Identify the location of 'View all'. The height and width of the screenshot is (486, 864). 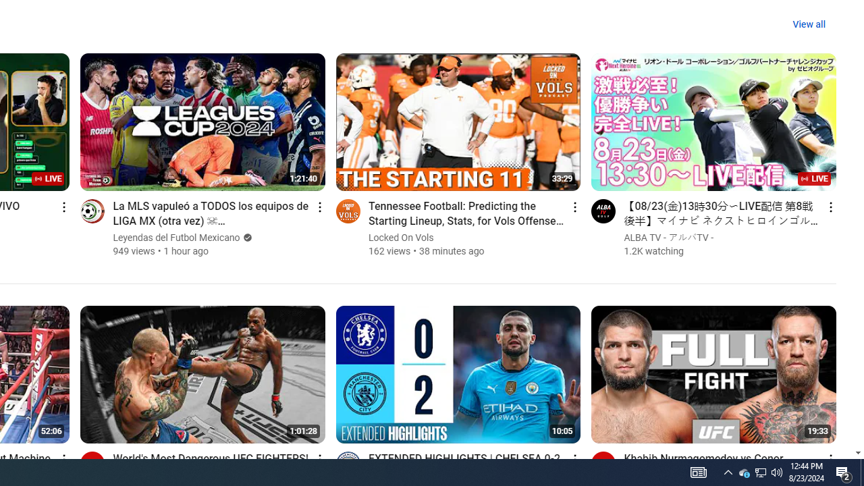
(809, 24).